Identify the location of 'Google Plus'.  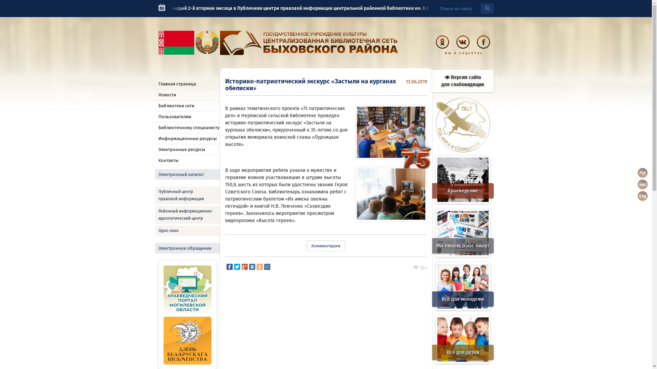
(241, 266).